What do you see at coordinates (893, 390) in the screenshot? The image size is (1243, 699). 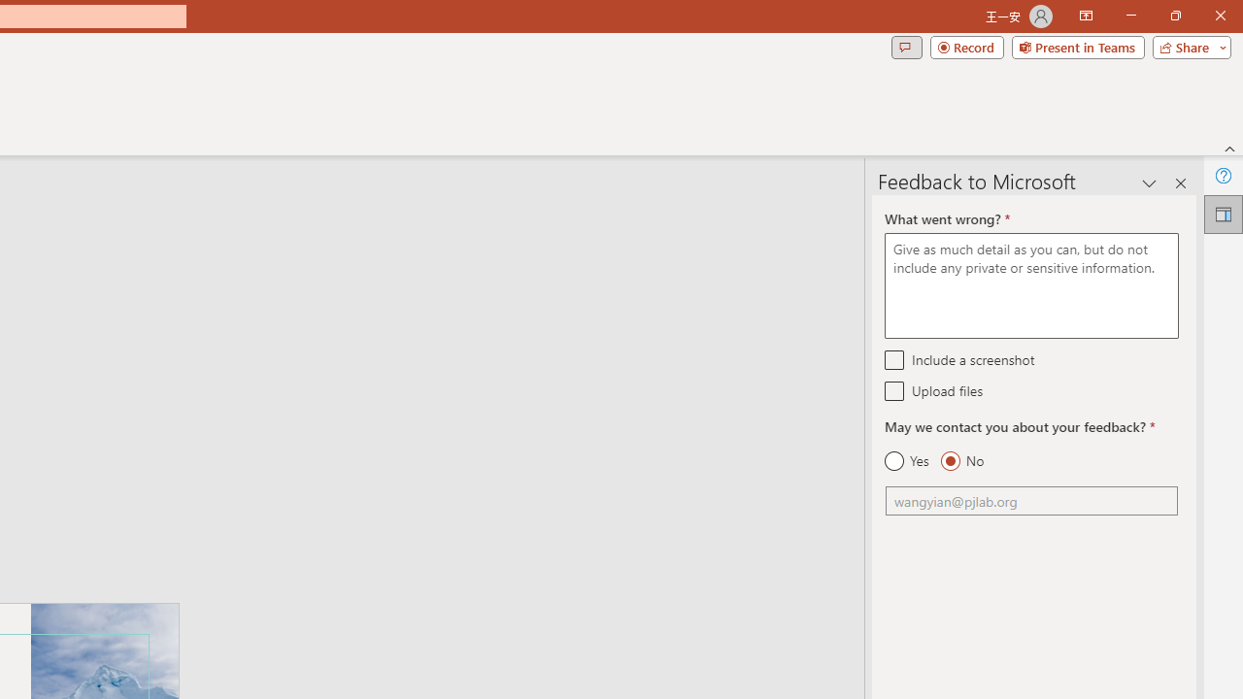 I see `'Upload files'` at bounding box center [893, 390].